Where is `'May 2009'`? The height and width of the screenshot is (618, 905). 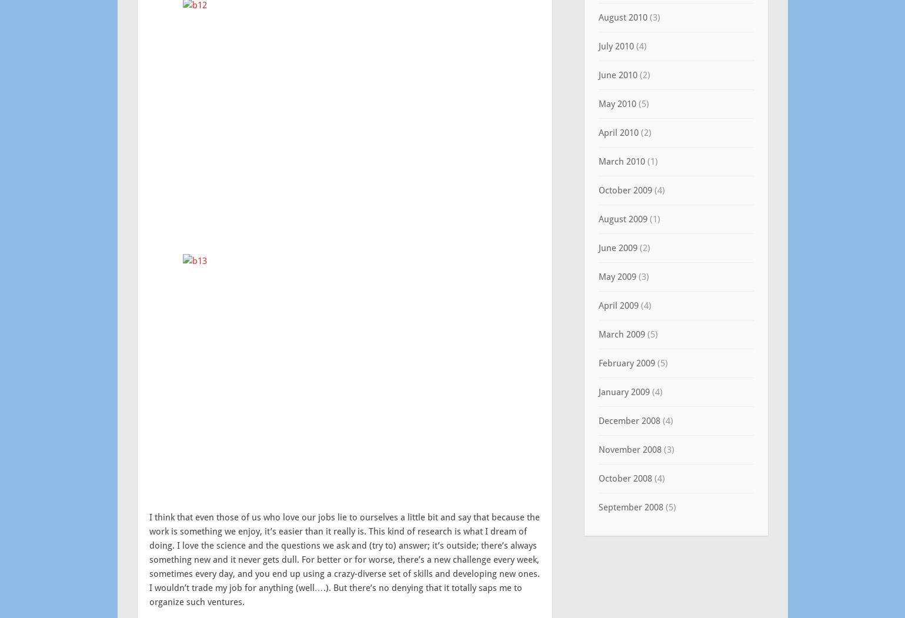 'May 2009' is located at coordinates (616, 276).